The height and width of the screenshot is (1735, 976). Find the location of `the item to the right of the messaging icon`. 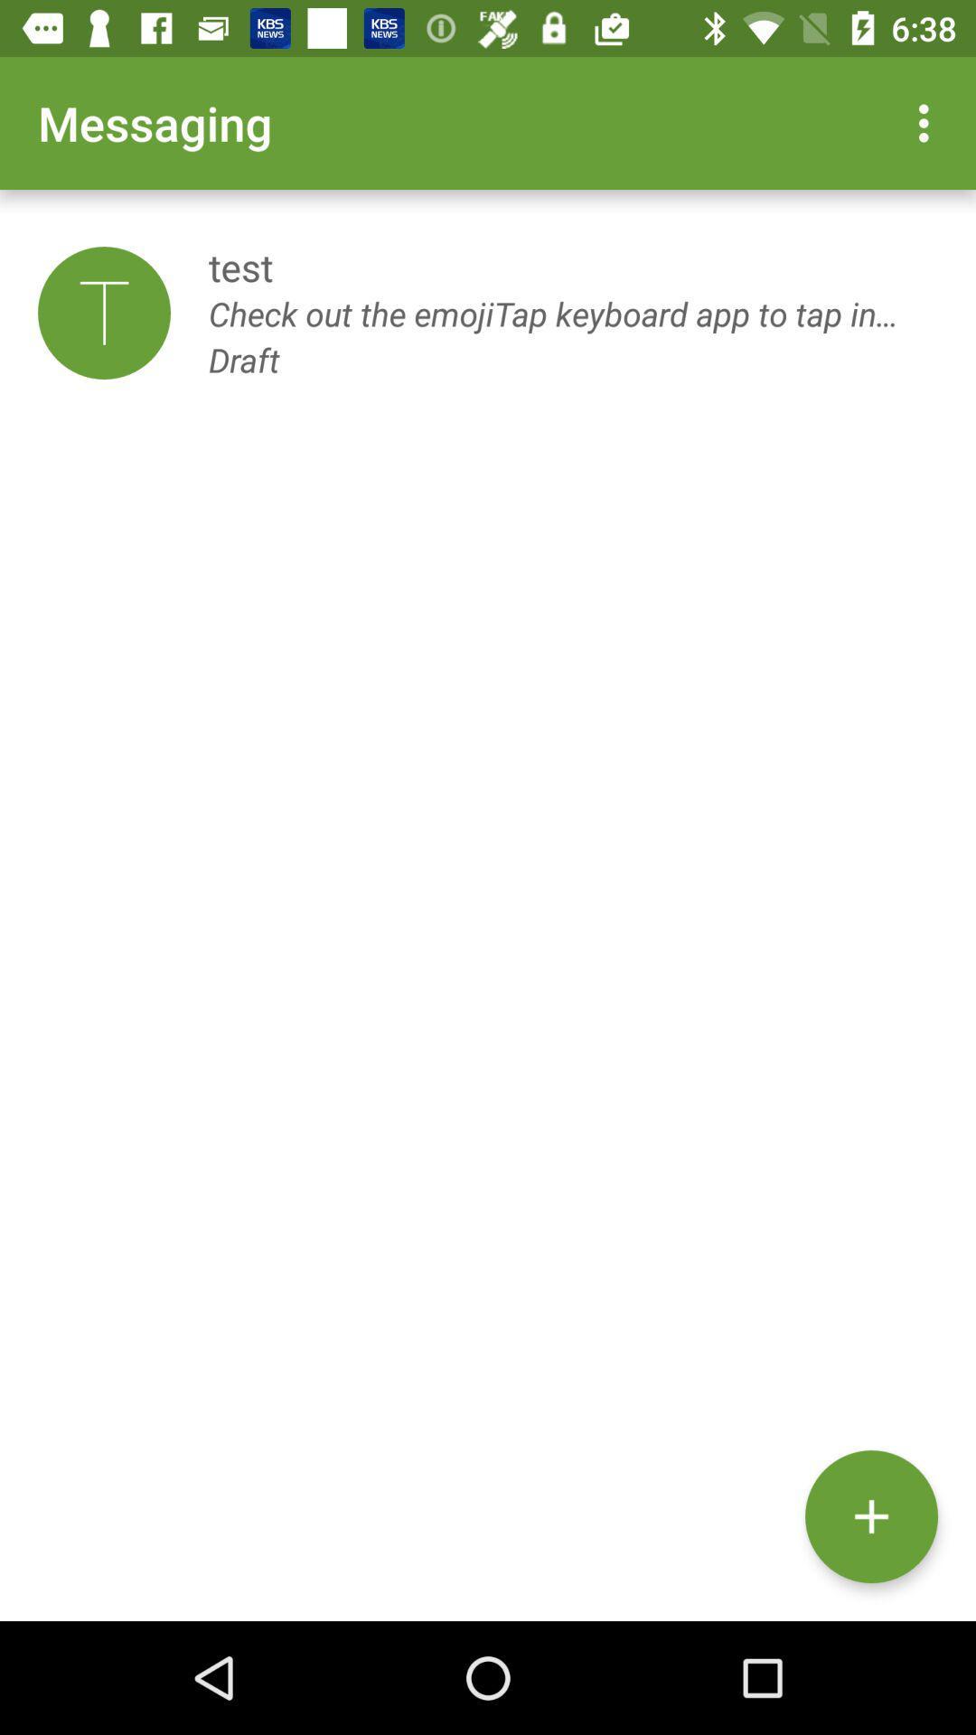

the item to the right of the messaging icon is located at coordinates (928, 122).